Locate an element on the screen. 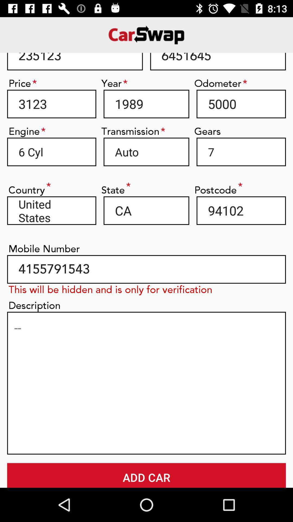 This screenshot has width=293, height=522. type description is located at coordinates (146, 383).